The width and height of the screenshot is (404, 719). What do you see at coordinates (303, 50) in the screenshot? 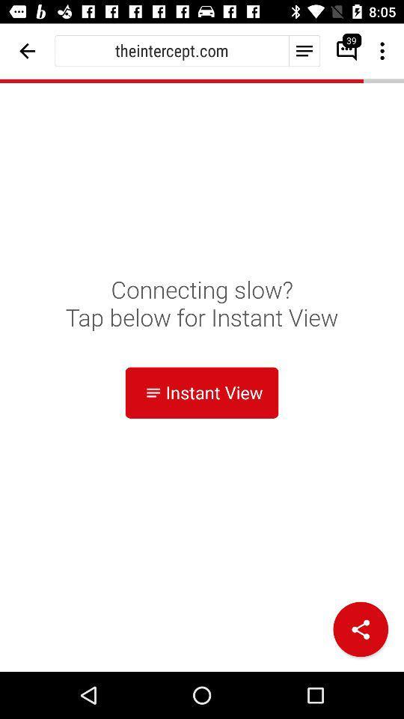
I see `the icon just to the left of message icon` at bounding box center [303, 50].